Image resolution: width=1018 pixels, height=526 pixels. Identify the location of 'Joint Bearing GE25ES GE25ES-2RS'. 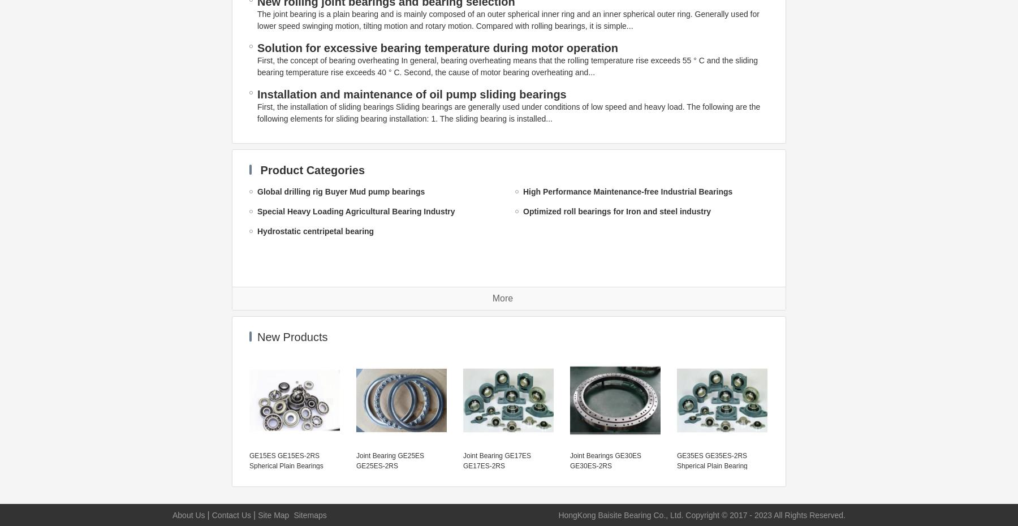
(389, 460).